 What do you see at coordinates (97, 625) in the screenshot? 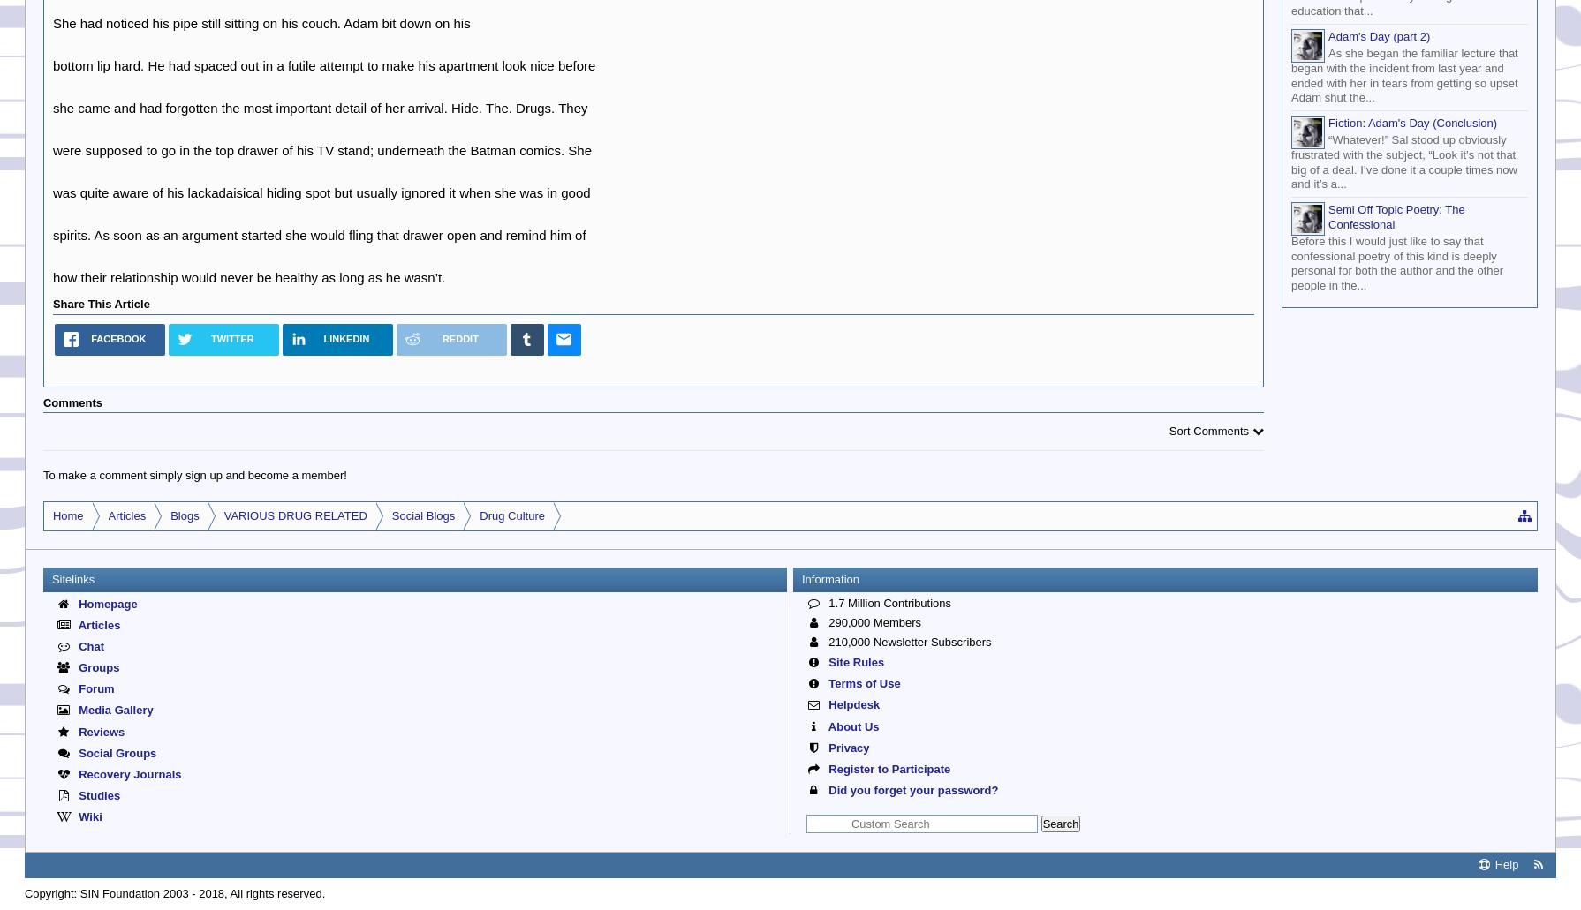
I see `'Articles'` at bounding box center [97, 625].